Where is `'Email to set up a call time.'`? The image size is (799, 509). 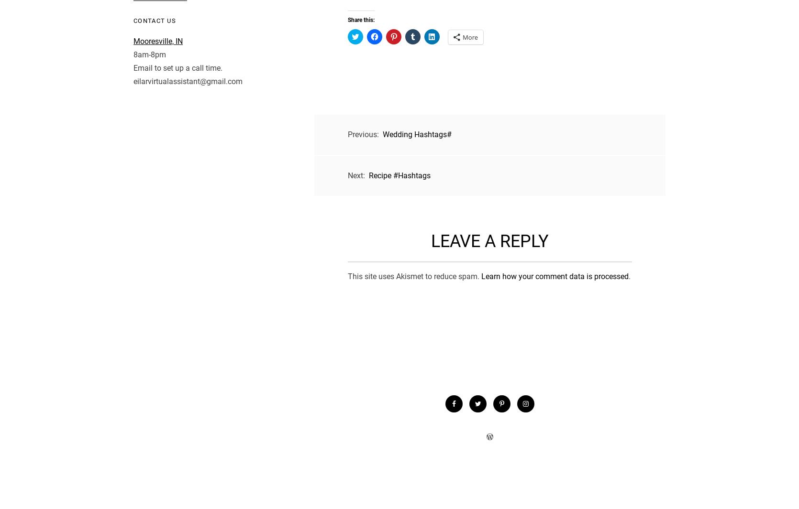 'Email to set up a call time.' is located at coordinates (178, 67).